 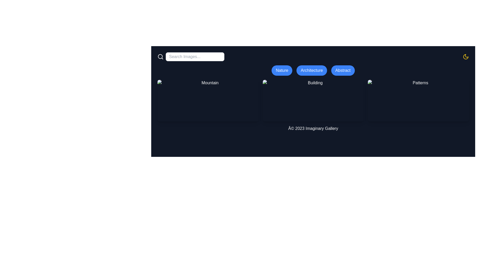 I want to click on the third button in the row, positioned to the right of the 'Nature' and 'Architecture' buttons, so click(x=343, y=71).